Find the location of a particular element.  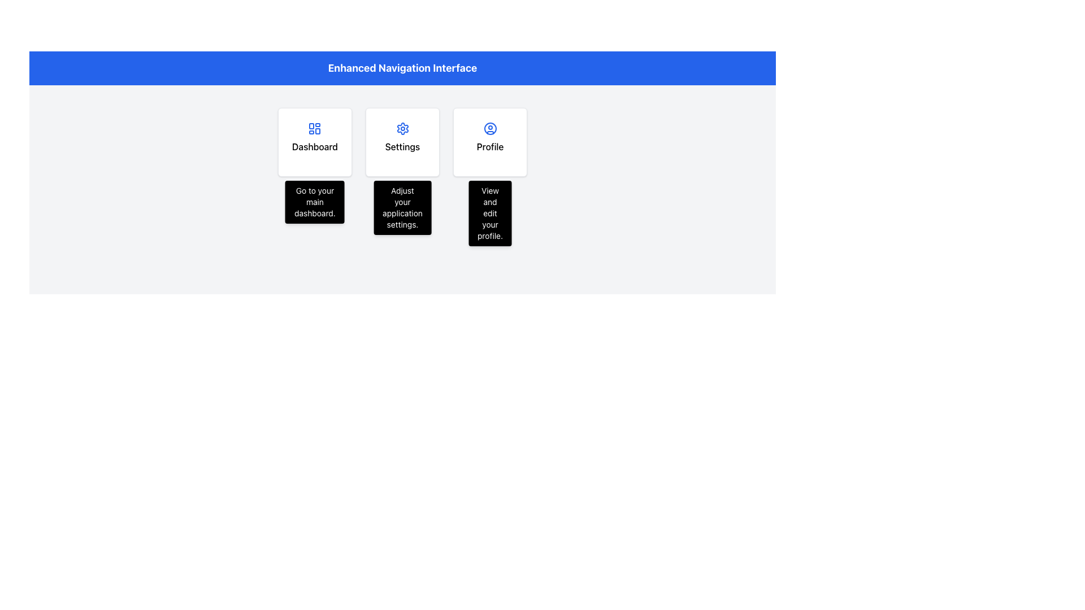

the small rectangular icon with rounded corners, styled with a blue outline and transparent fill, located in the bottom-right quadrant of the Dashboard section's grid layout is located at coordinates (317, 130).